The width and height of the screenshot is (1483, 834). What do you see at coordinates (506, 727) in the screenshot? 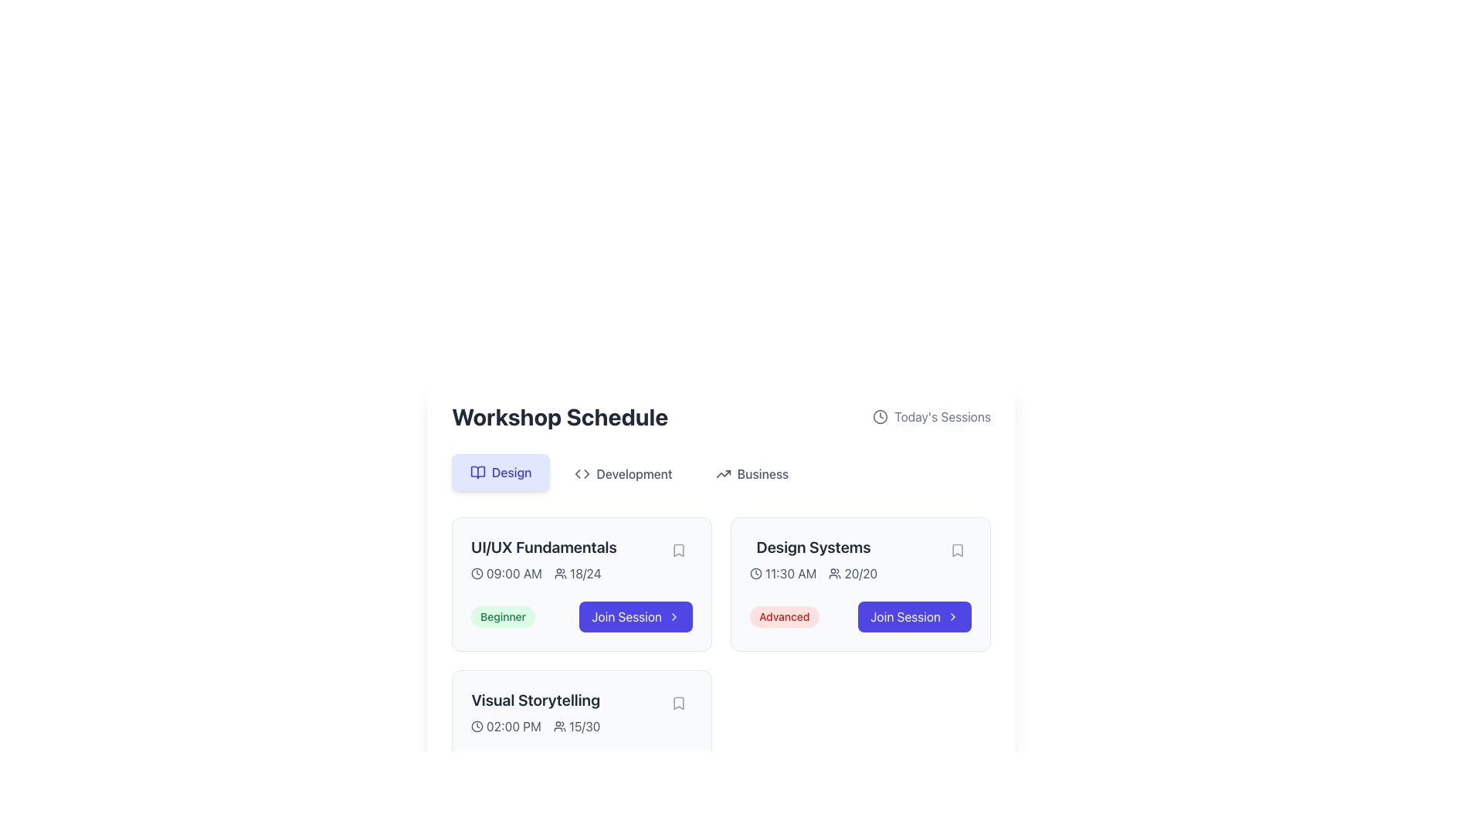
I see `the Time display element showing '02:00 PM'` at bounding box center [506, 727].